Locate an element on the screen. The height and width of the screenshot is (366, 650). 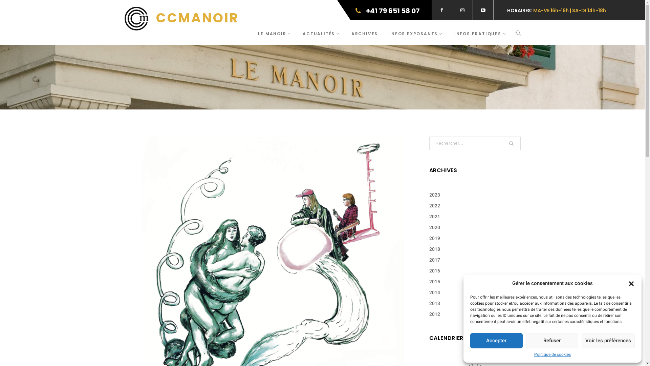
'+41 79 651 58 07' is located at coordinates (385, 9).